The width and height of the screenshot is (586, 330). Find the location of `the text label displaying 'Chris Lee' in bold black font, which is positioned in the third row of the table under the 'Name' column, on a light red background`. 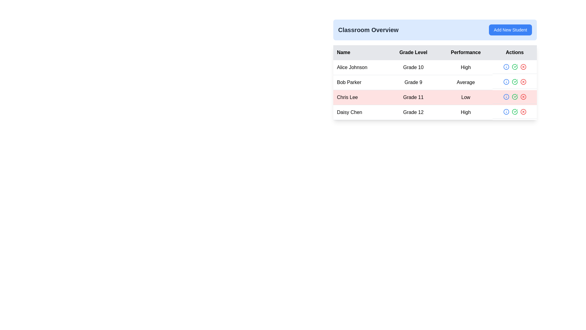

the text label displaying 'Chris Lee' in bold black font, which is positioned in the third row of the table under the 'Name' column, on a light red background is located at coordinates (360, 97).